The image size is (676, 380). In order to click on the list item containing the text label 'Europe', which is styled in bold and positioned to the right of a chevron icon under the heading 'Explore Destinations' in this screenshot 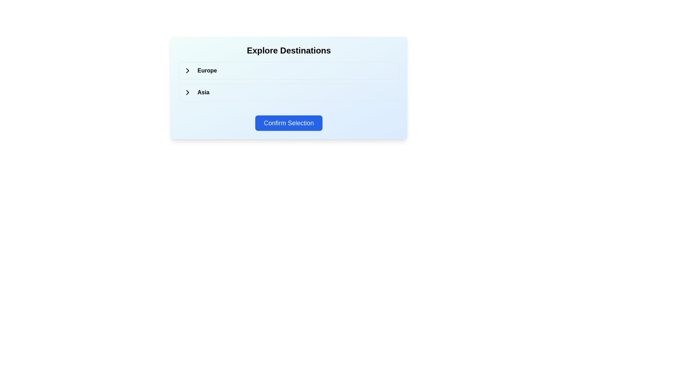, I will do `click(205, 70)`.